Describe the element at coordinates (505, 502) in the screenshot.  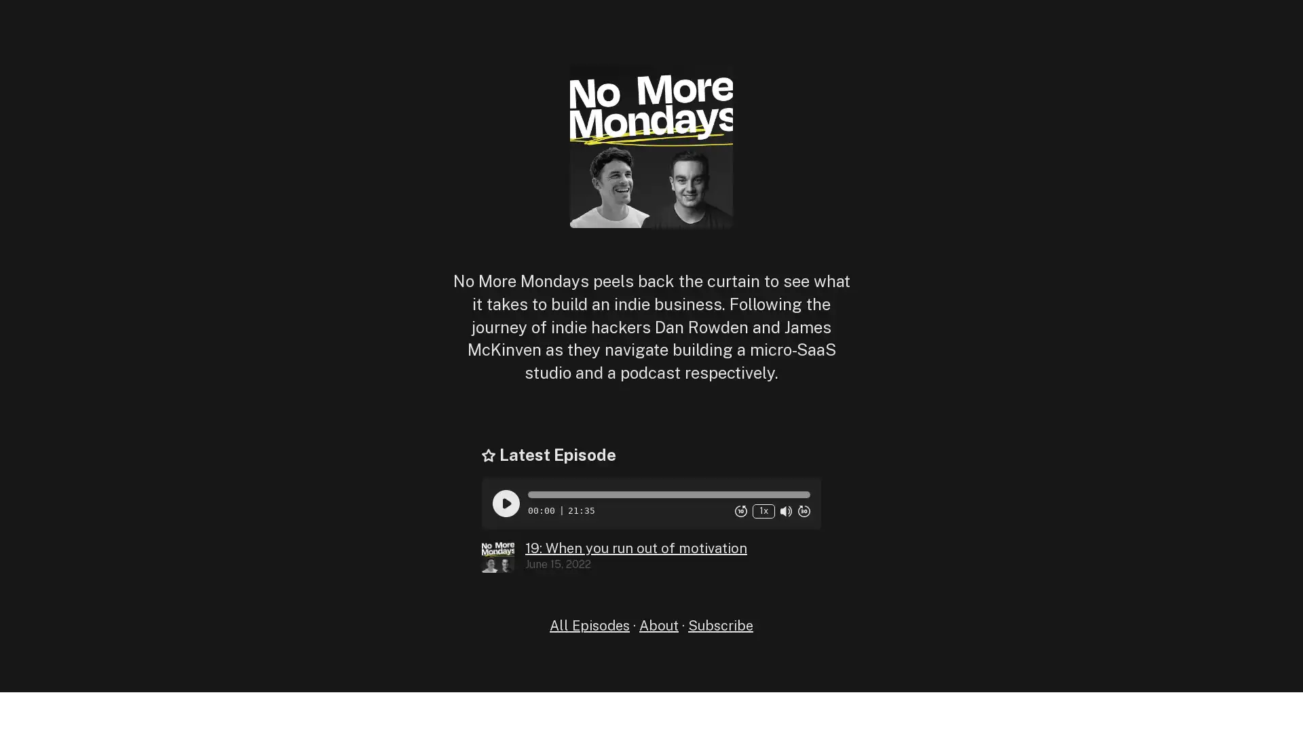
I see `play` at that location.